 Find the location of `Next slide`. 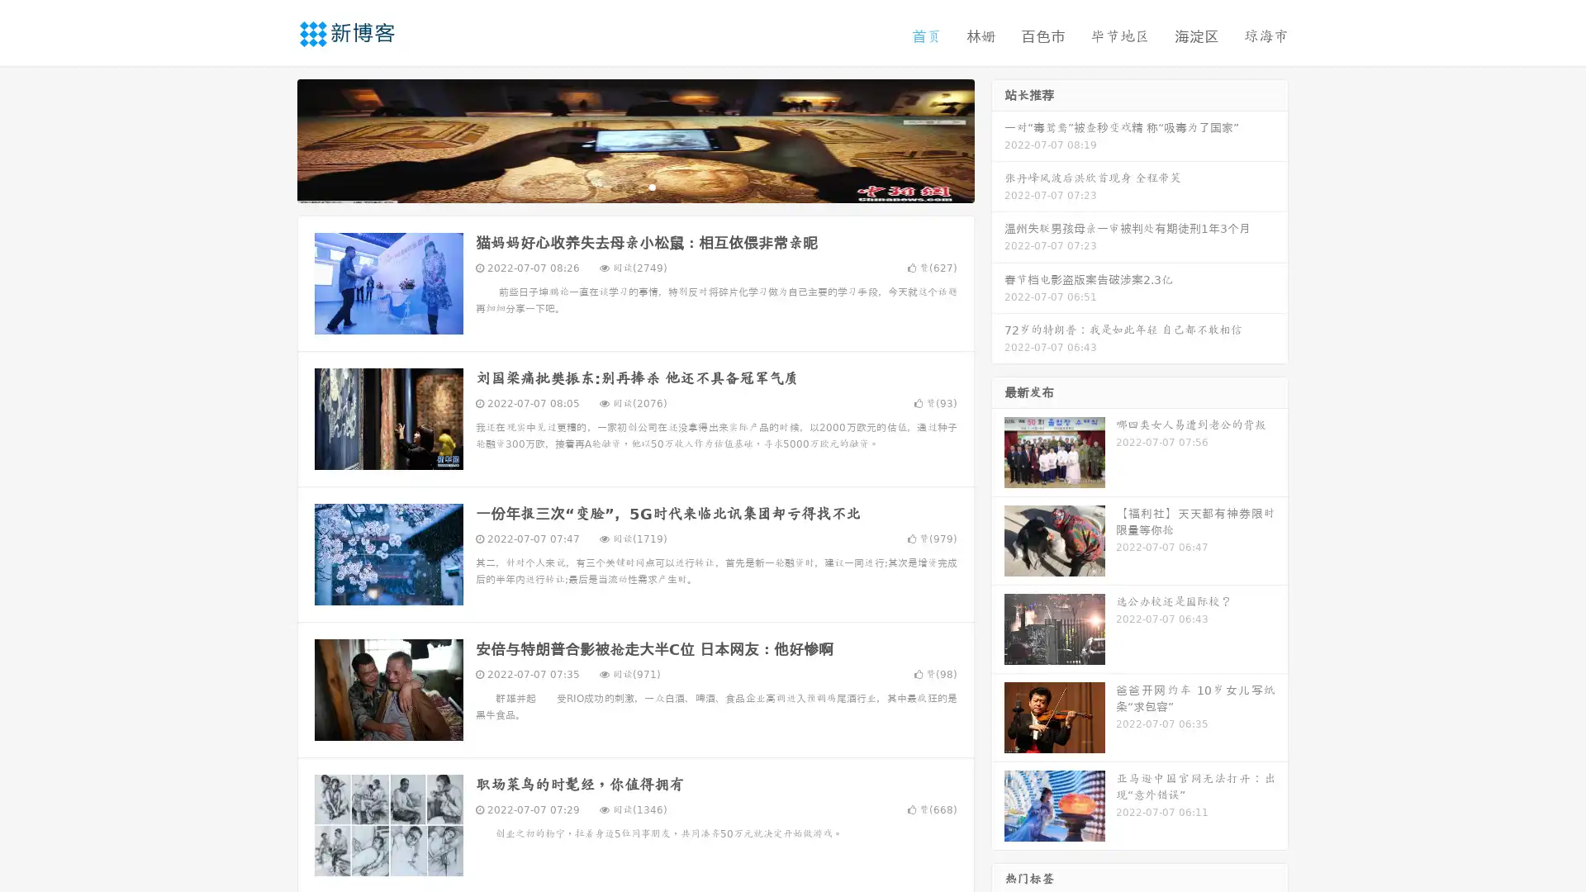

Next slide is located at coordinates (998, 139).